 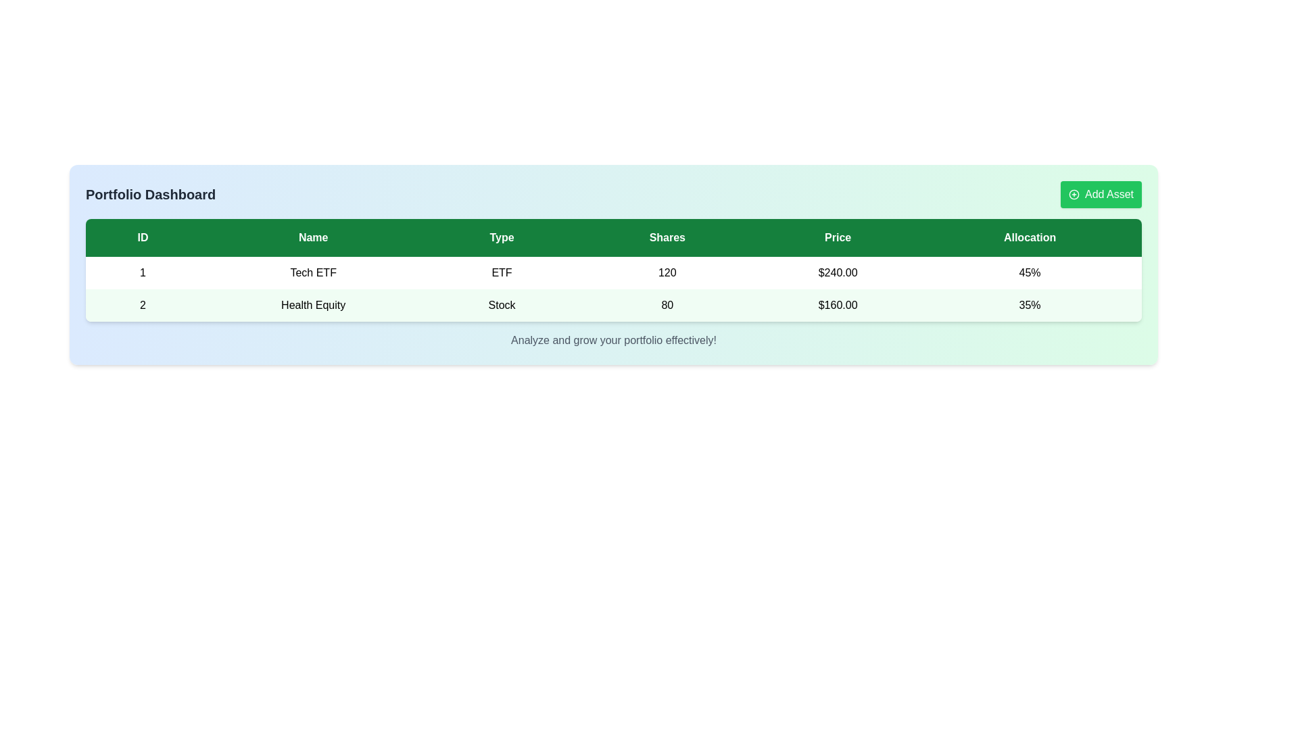 What do you see at coordinates (667, 237) in the screenshot?
I see `the 'Shares' text label, which is a rectangular element with white text on a green background, located in the header row of a table between the 'Type' and 'Price' headers` at bounding box center [667, 237].